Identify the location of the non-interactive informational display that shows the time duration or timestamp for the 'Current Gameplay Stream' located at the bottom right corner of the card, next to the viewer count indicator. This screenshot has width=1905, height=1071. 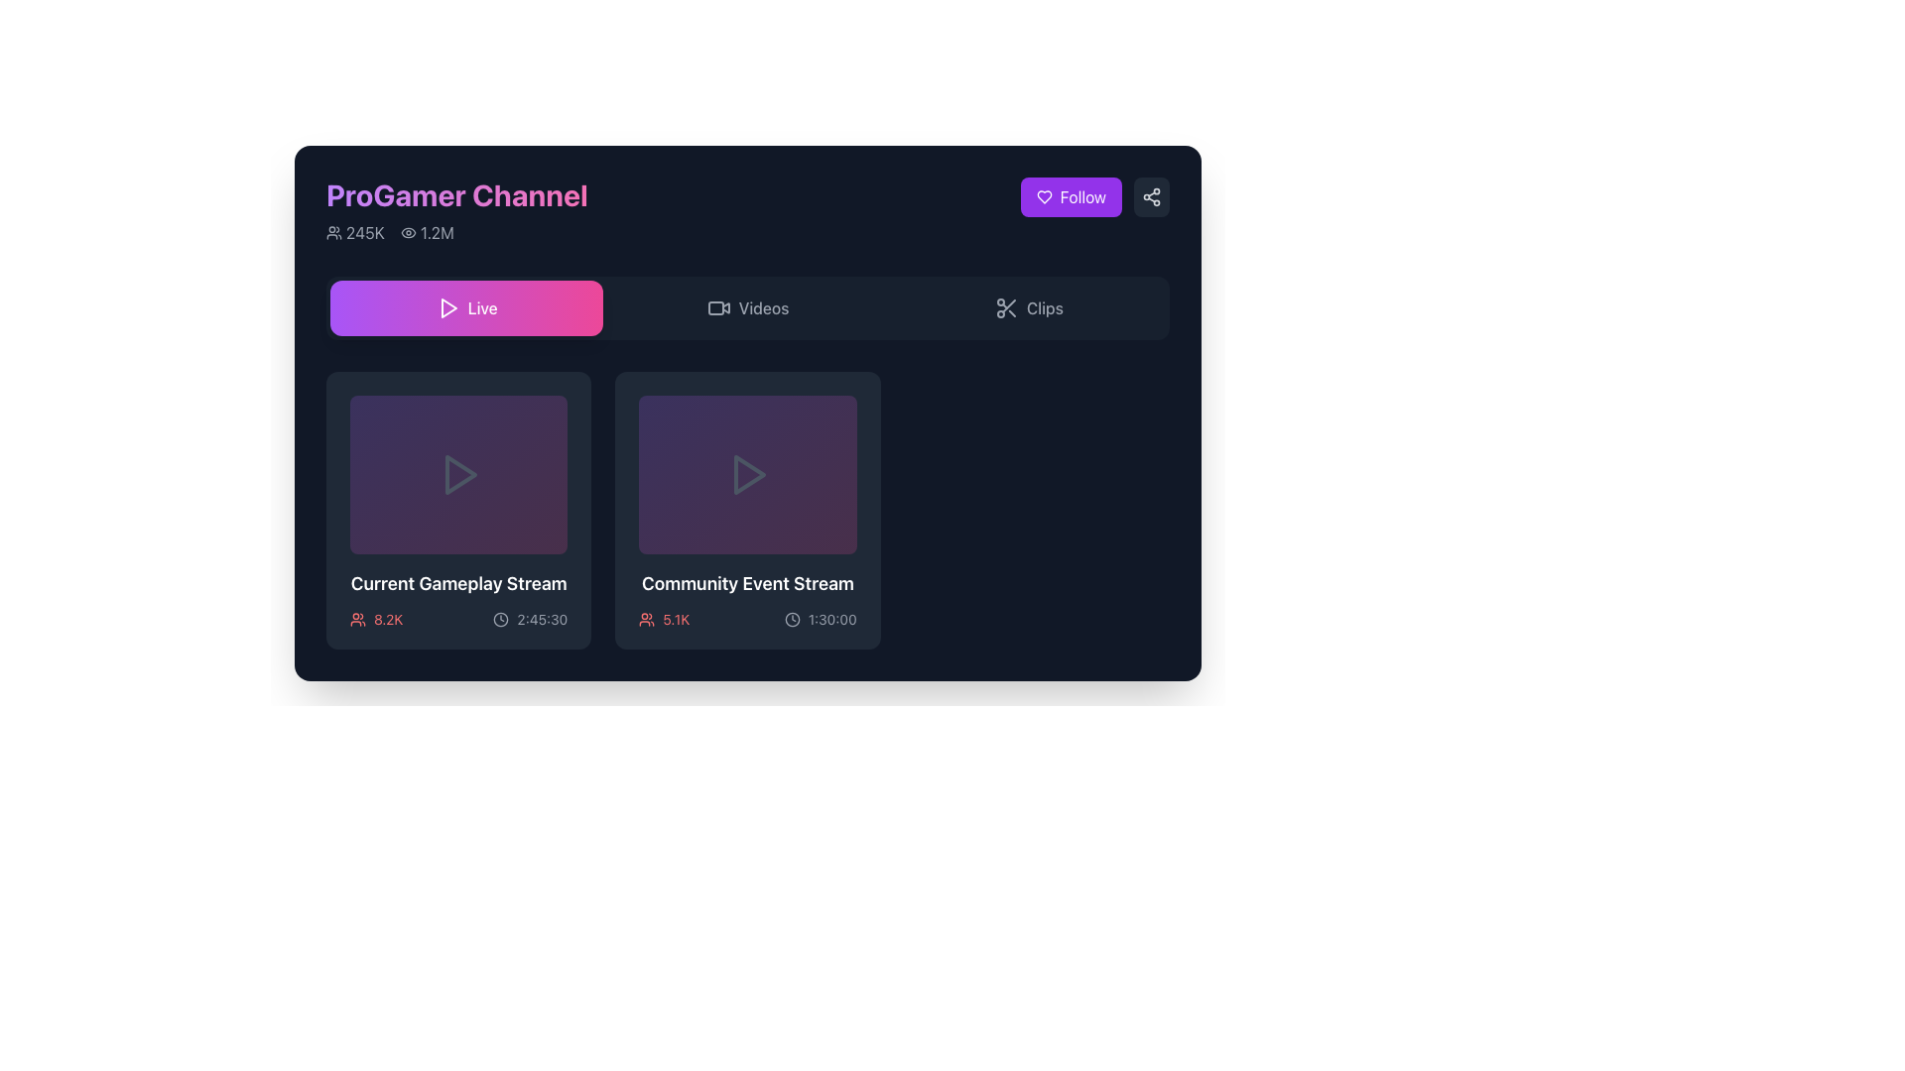
(530, 618).